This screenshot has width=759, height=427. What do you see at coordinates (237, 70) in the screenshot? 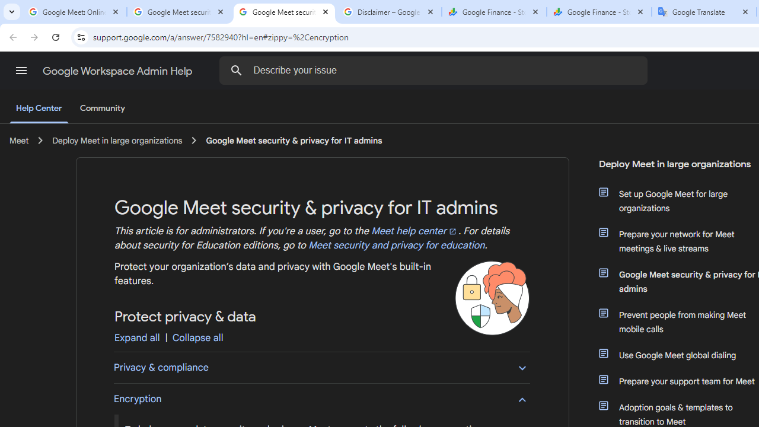
I see `'Search Help Center'` at bounding box center [237, 70].